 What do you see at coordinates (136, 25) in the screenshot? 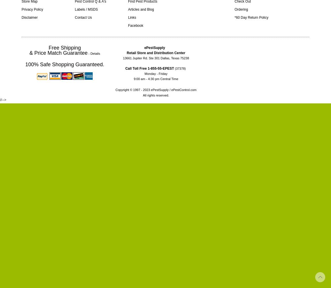
I see `'Facebook'` at bounding box center [136, 25].